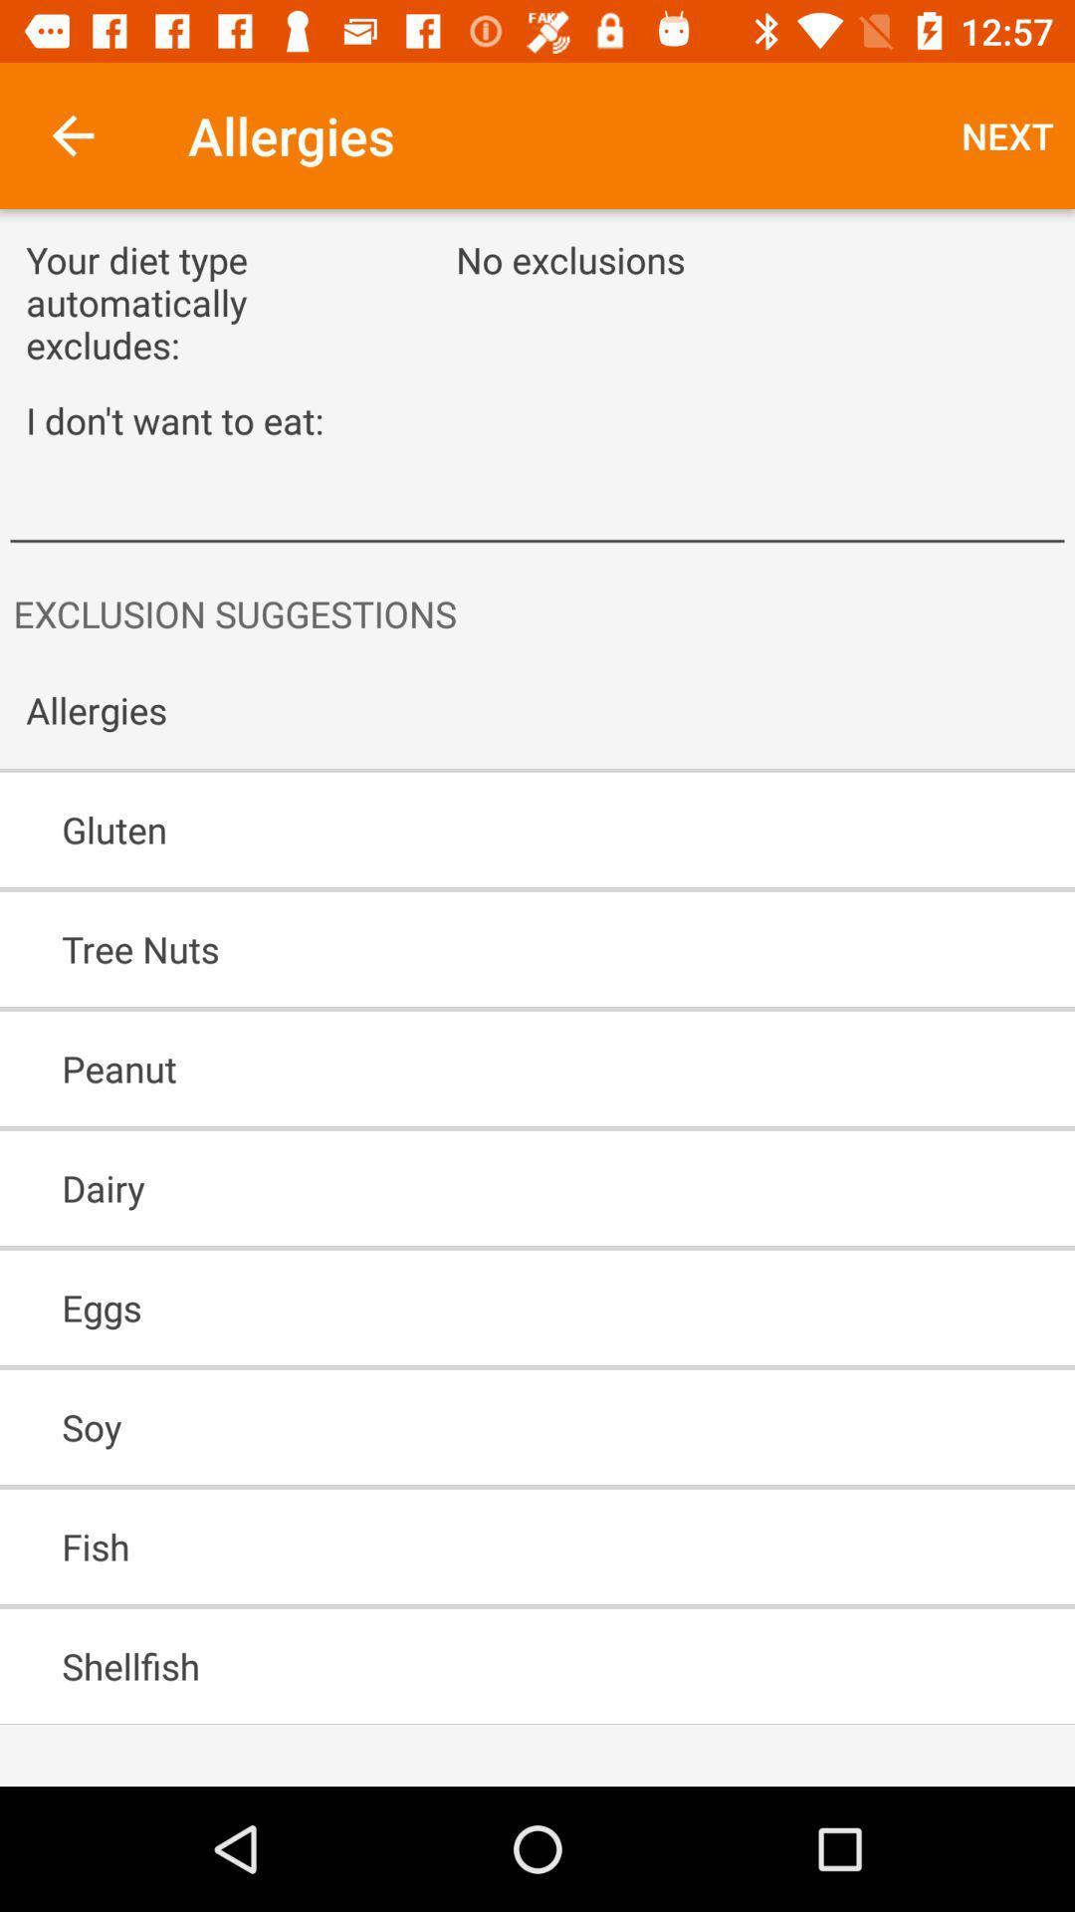 This screenshot has width=1075, height=1912. Describe the element at coordinates (1007, 134) in the screenshot. I see `icon next to the your diet type item` at that location.